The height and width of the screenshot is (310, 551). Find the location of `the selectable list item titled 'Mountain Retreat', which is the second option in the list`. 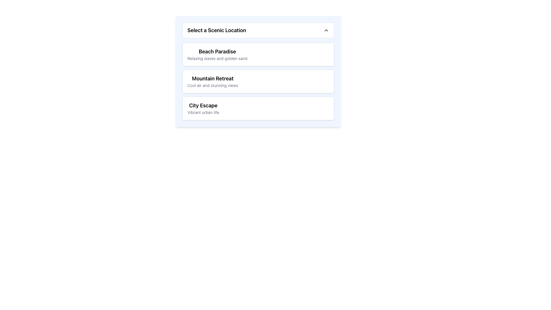

the selectable list item titled 'Mountain Retreat', which is the second option in the list is located at coordinates (258, 82).